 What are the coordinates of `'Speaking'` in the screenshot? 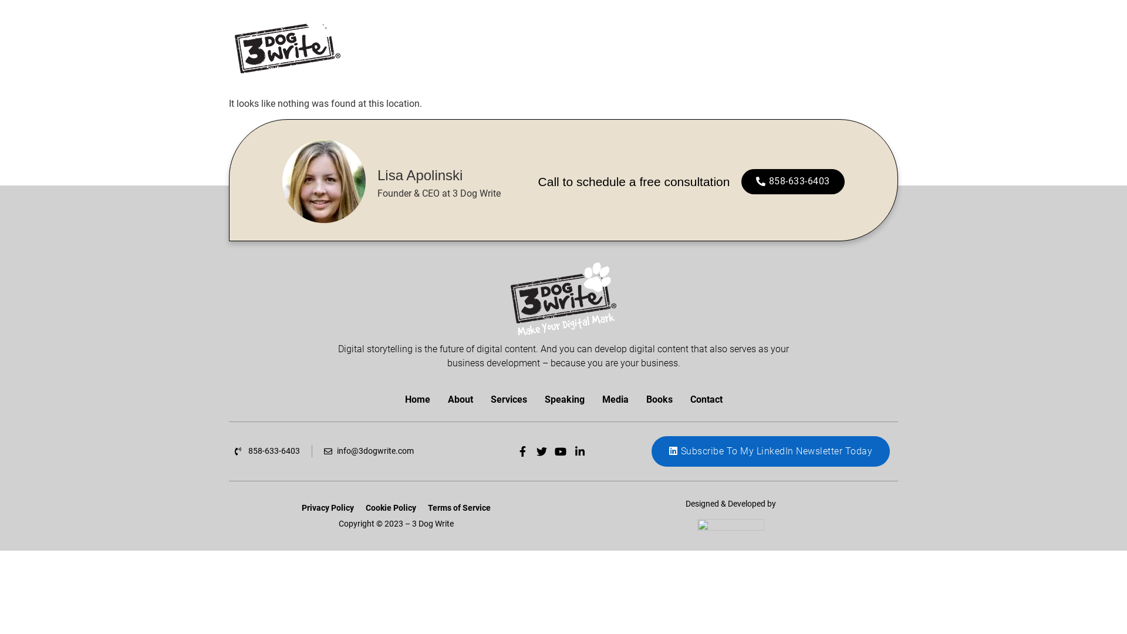 It's located at (563, 399).